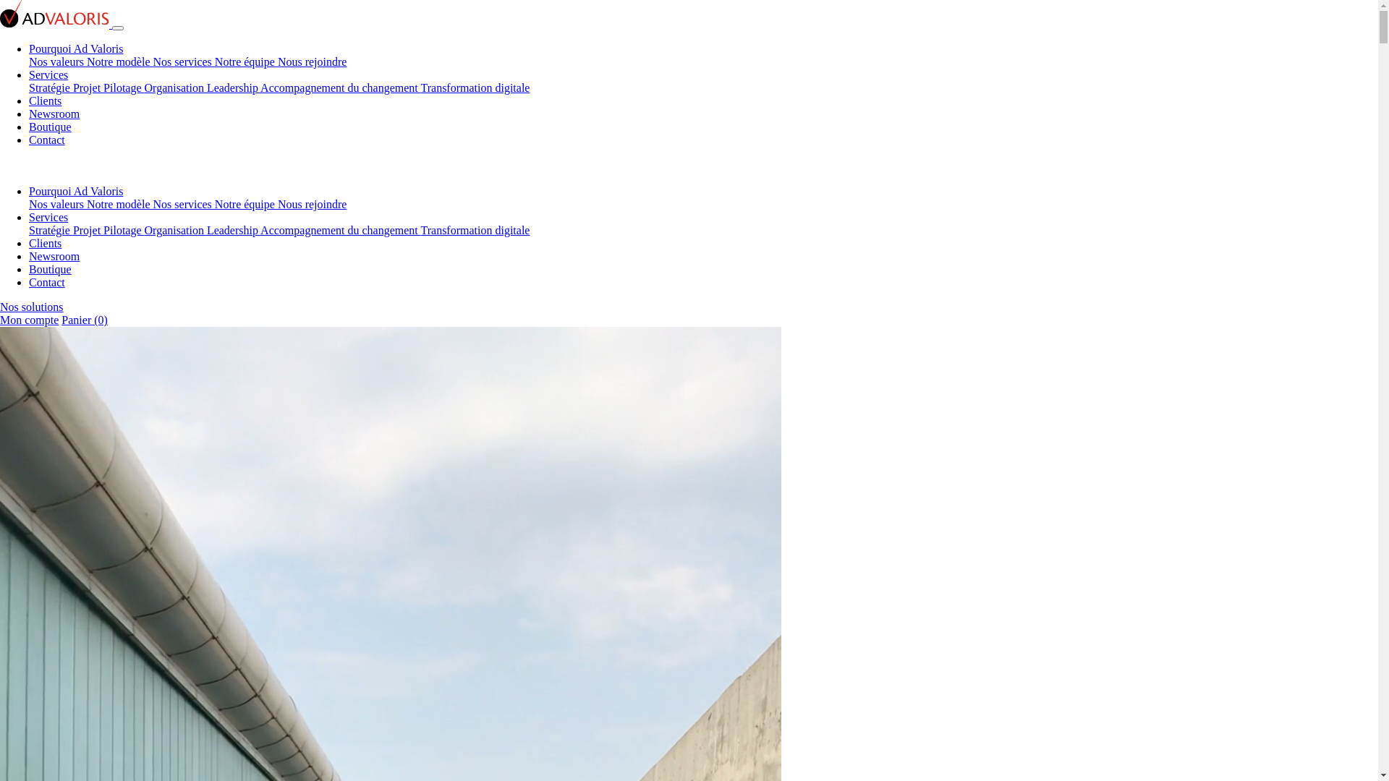  I want to click on 'Clients', so click(45, 242).